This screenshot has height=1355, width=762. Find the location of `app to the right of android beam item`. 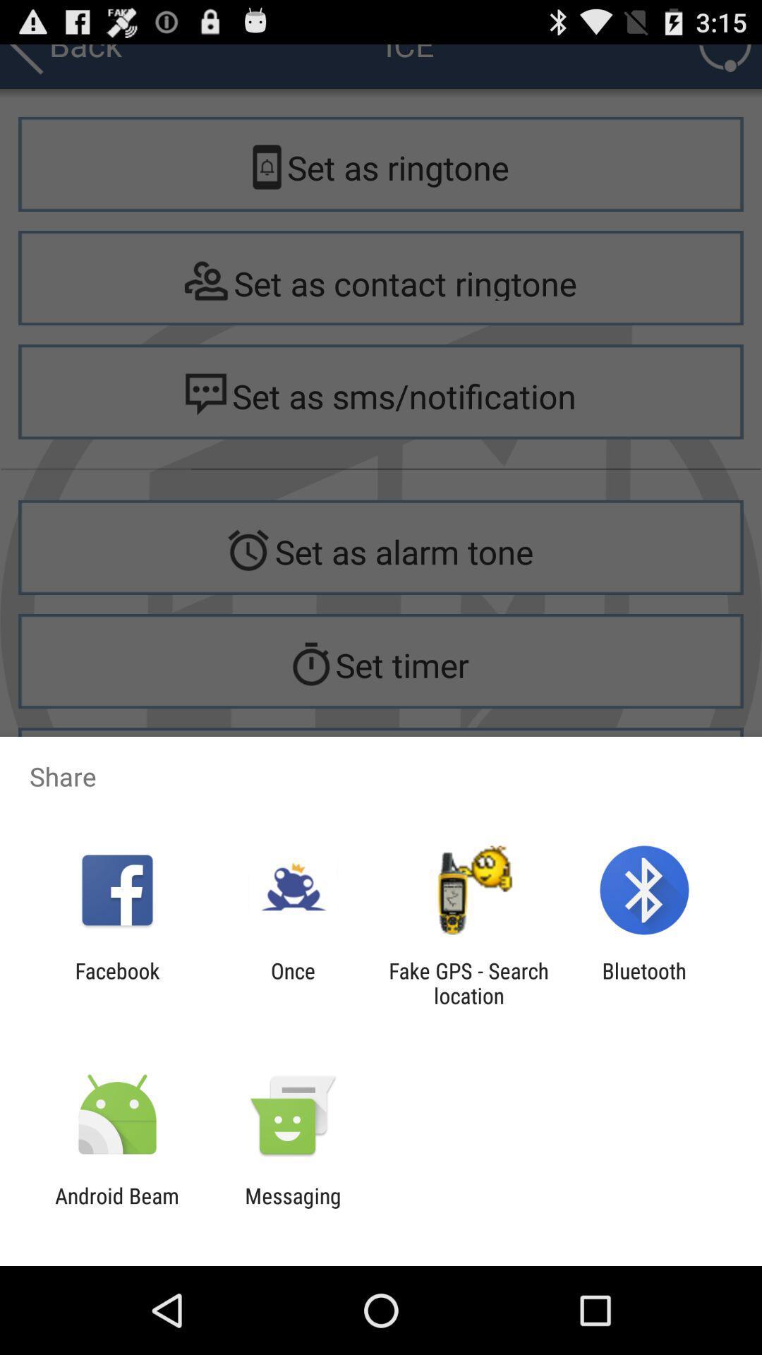

app to the right of android beam item is located at coordinates (292, 1208).